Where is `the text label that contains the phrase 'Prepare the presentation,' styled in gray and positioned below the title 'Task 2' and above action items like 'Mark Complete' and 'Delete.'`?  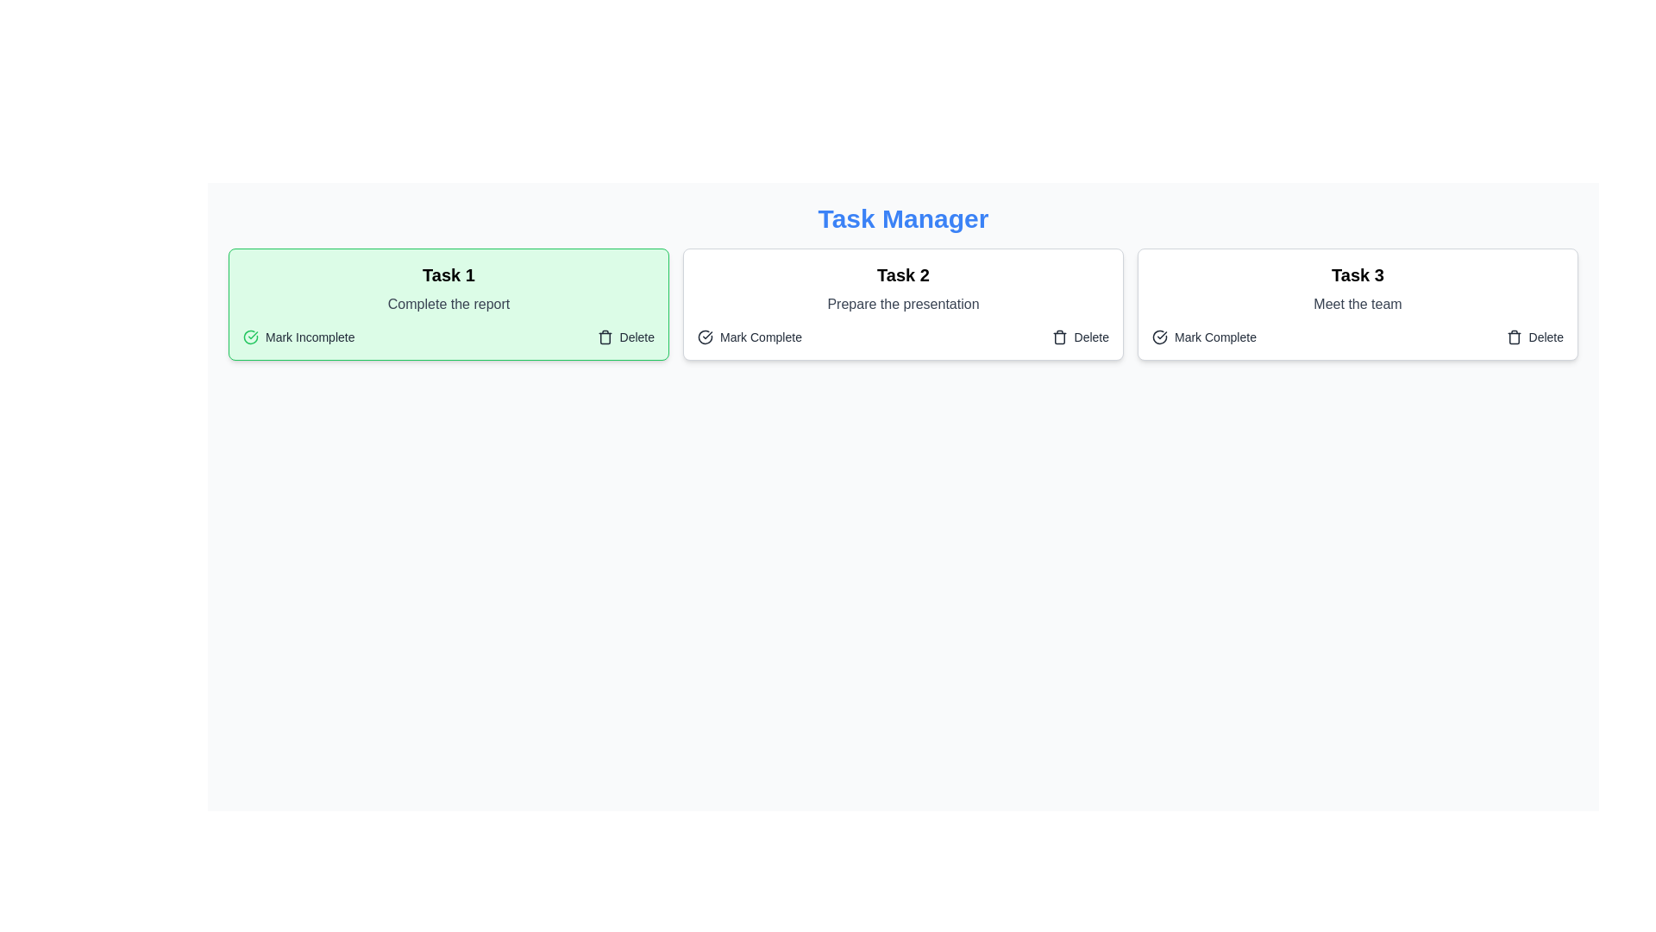 the text label that contains the phrase 'Prepare the presentation,' styled in gray and positioned below the title 'Task 2' and above action items like 'Mark Complete' and 'Delete.' is located at coordinates (902, 304).